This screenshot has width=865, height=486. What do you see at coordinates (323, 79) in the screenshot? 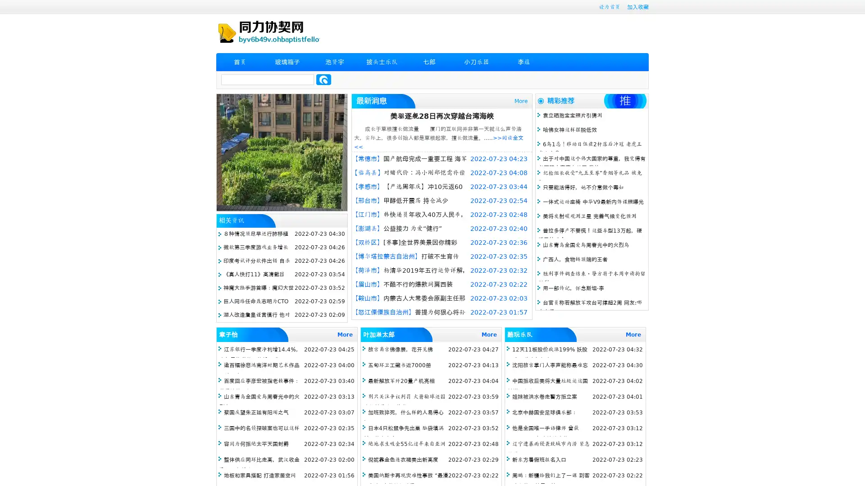
I see `Search` at bounding box center [323, 79].